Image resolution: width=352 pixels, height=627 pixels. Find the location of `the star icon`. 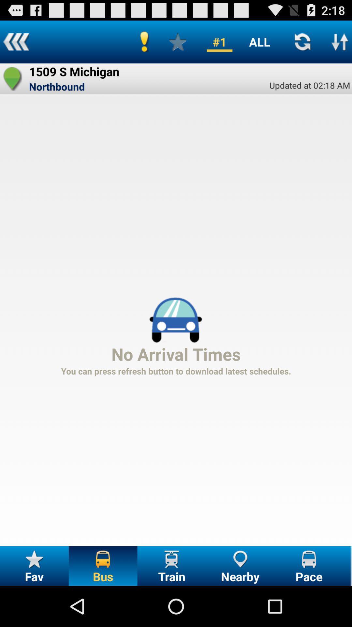

the star icon is located at coordinates (178, 44).